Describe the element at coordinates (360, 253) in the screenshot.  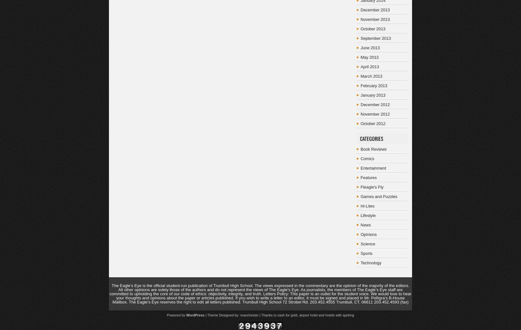
I see `'Sports'` at that location.